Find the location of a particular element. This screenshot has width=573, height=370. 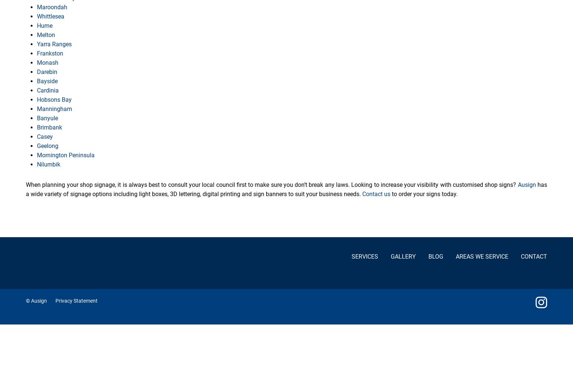

'Mornington Peninsula' is located at coordinates (37, 155).